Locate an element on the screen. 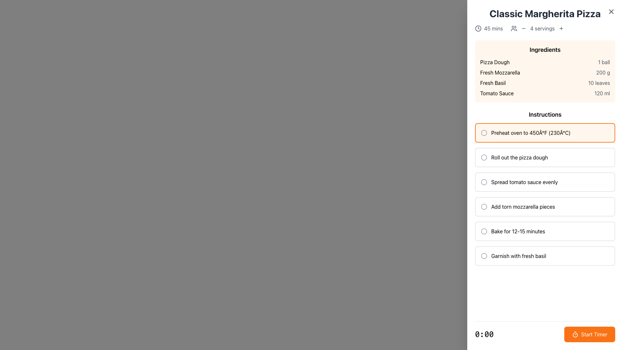  the graphical marker (circle) located in the 'Instructions' section, which precedes the text 'Preheat oven to 450°F (230°C)' is located at coordinates (484, 132).